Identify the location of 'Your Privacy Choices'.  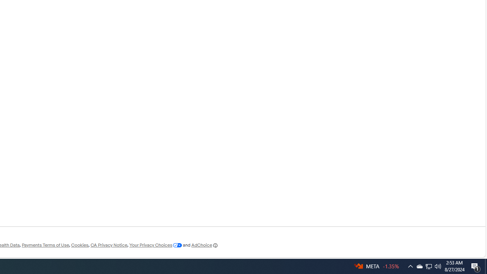
(155, 245).